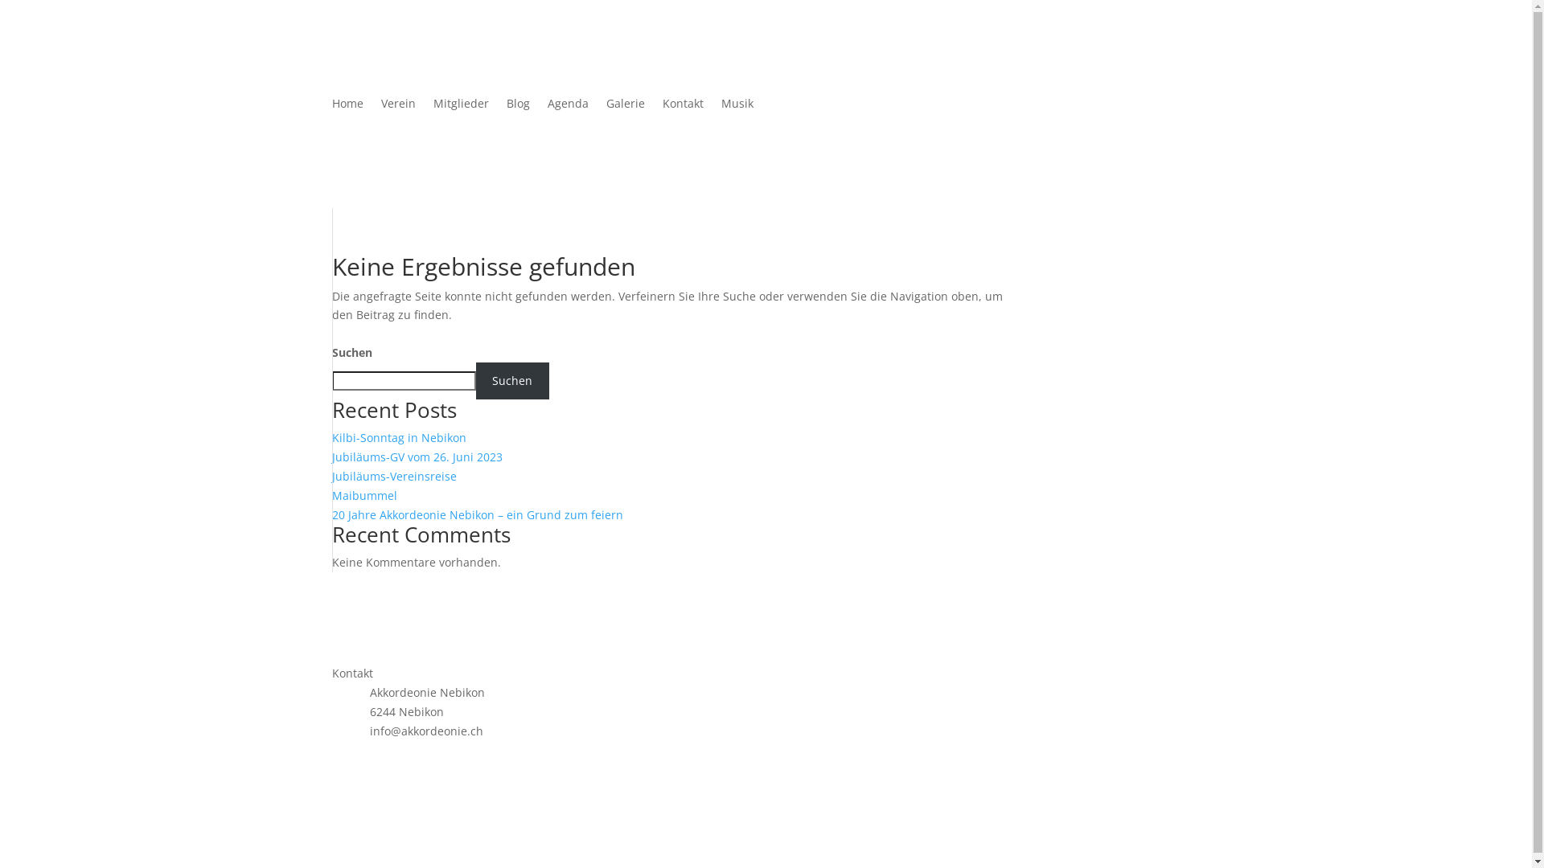 Image resolution: width=1544 pixels, height=868 pixels. I want to click on 'Mitglieder', so click(432, 106).